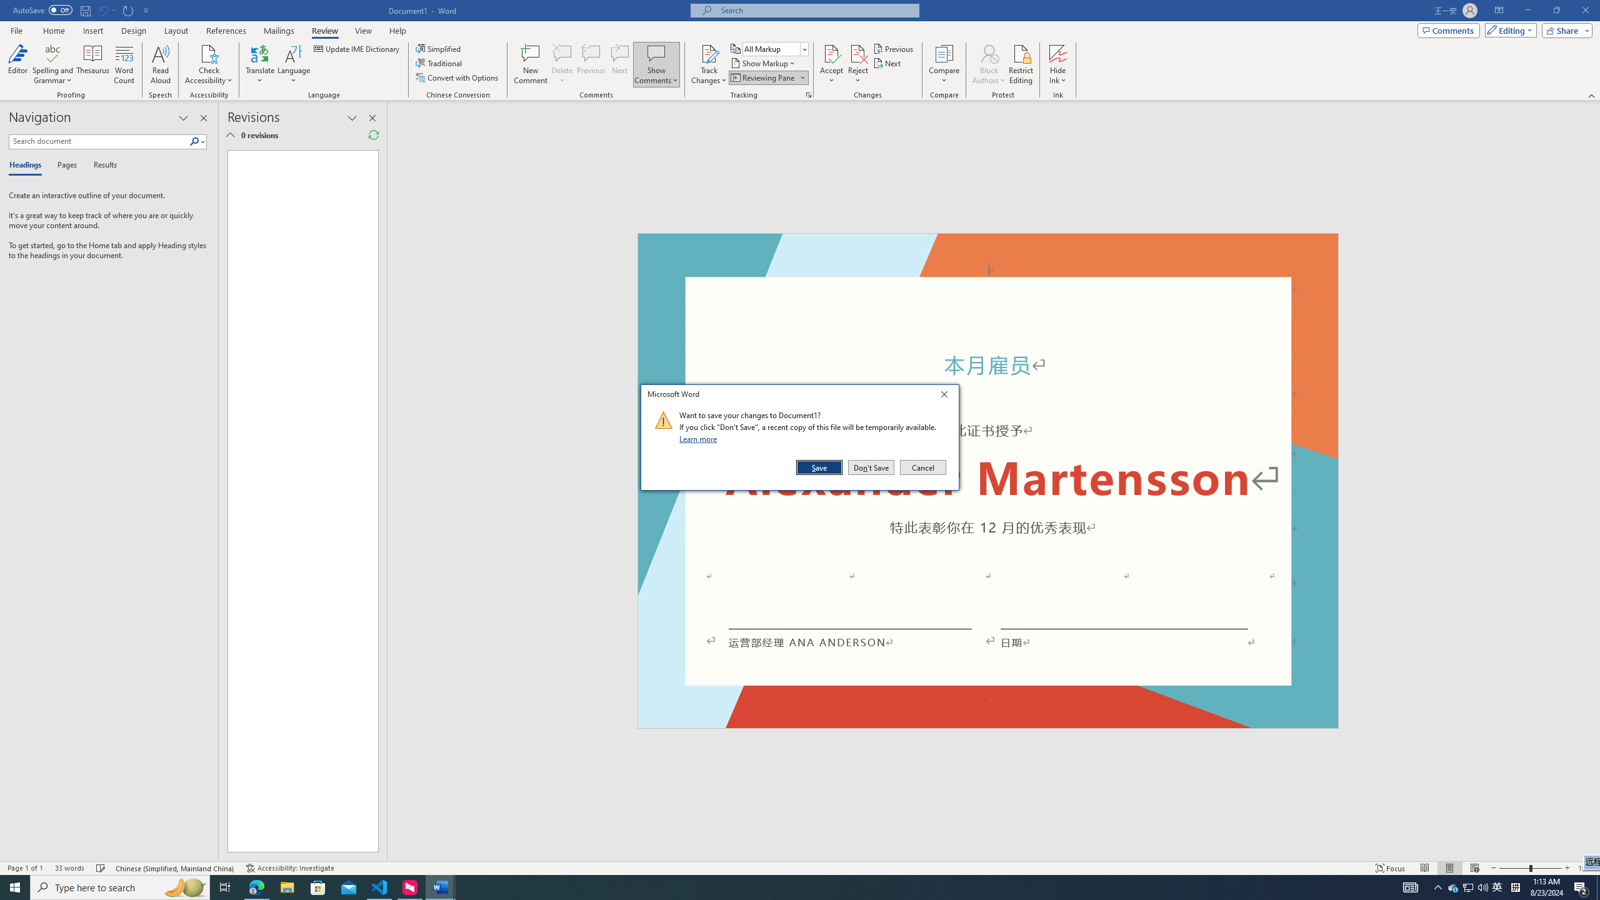 This screenshot has width=1600, height=900. I want to click on 'Restrict Editing', so click(1021, 64).